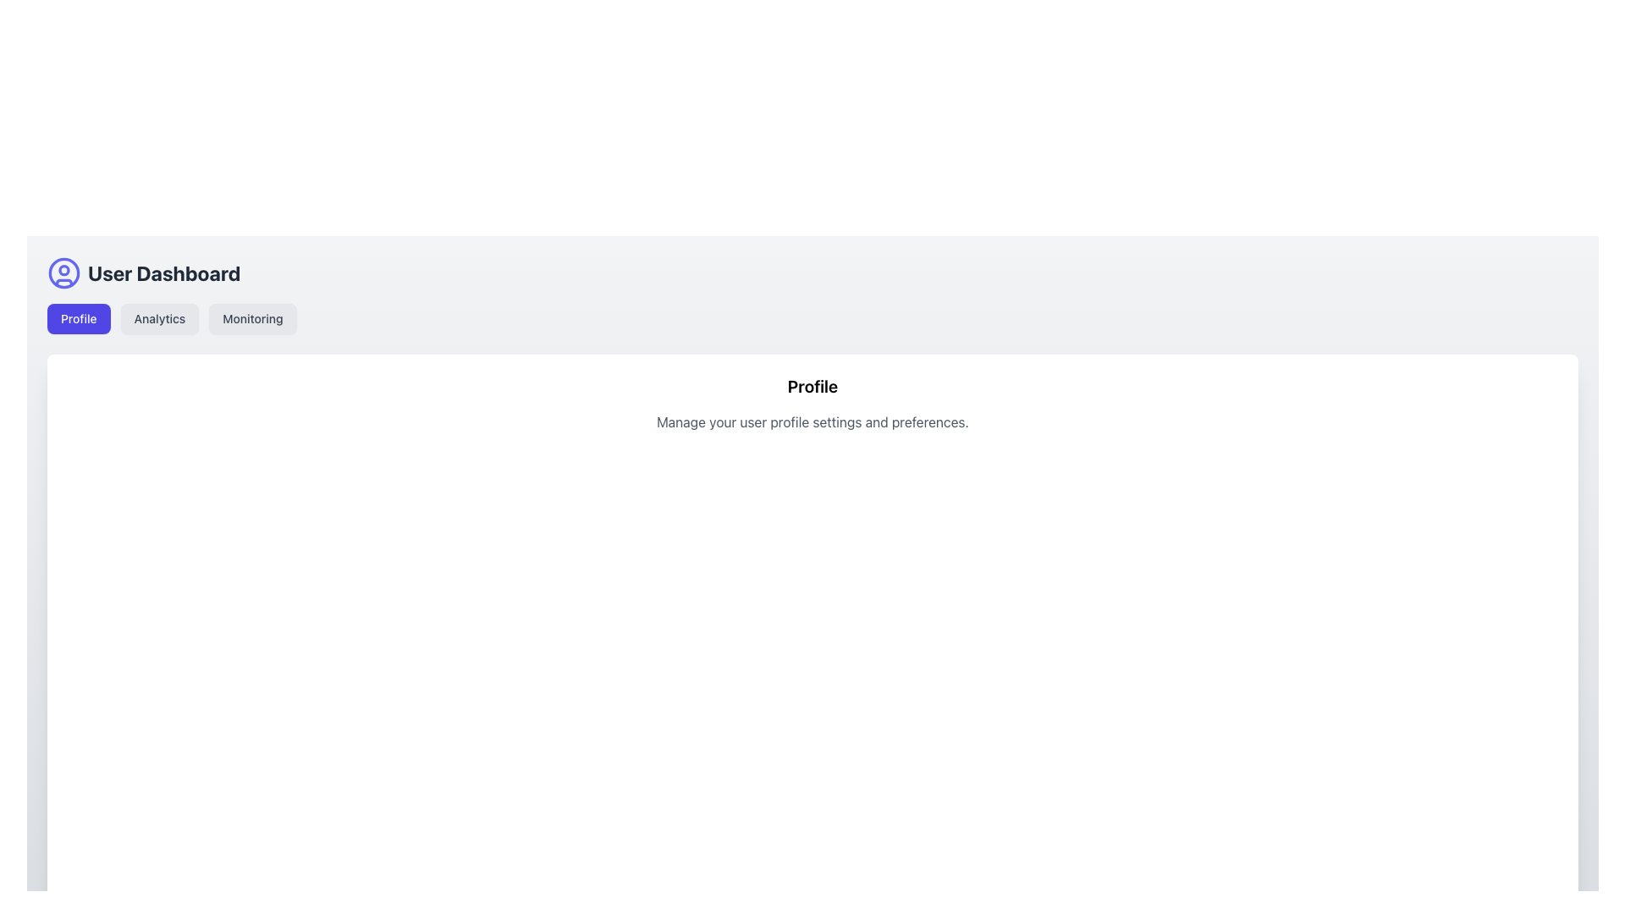 This screenshot has width=1625, height=914. What do you see at coordinates (812, 421) in the screenshot?
I see `the text label that provides contextual guidance for managing user profile settings, located below the 'Profile' heading in the white panel` at bounding box center [812, 421].